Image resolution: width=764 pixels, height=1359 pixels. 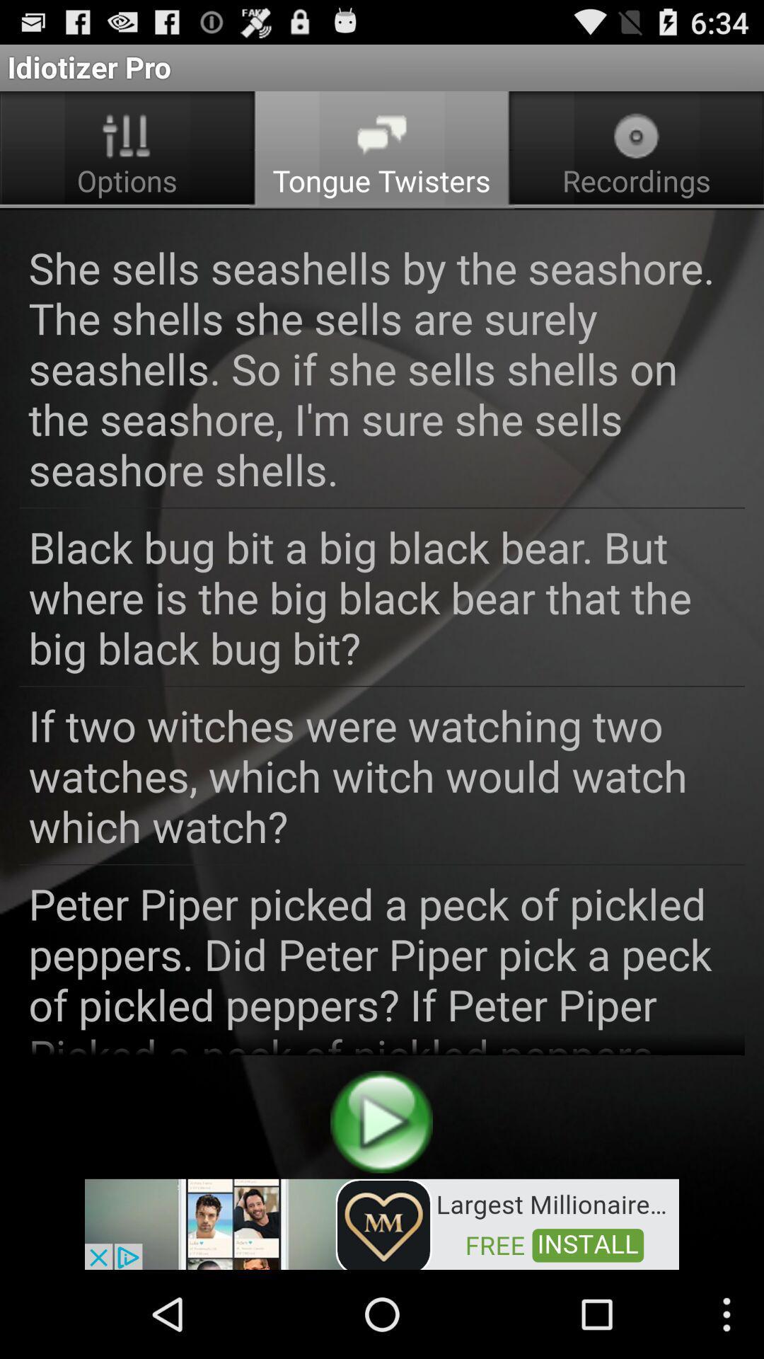 What do you see at coordinates (382, 1222) in the screenshot?
I see `new advertisement open` at bounding box center [382, 1222].